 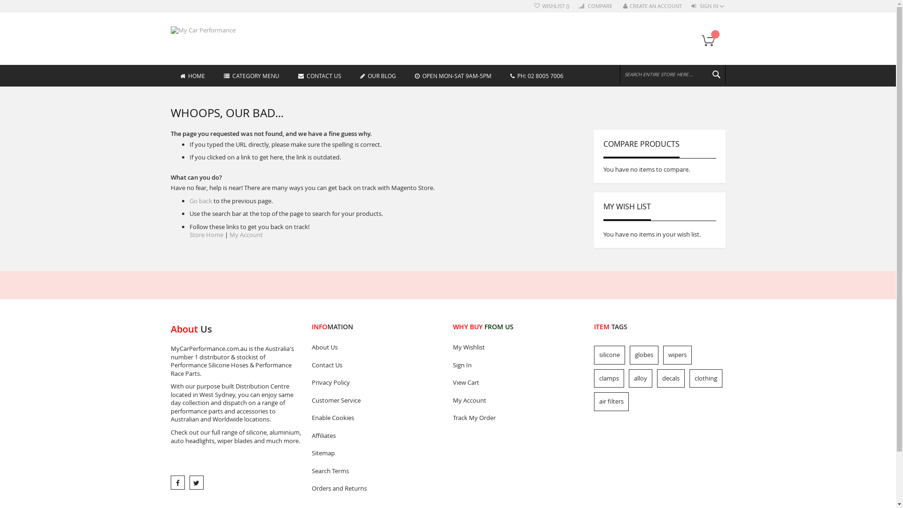 What do you see at coordinates (453, 75) in the screenshot?
I see `'OPEN MON-SAT 9AM-5PM'` at bounding box center [453, 75].